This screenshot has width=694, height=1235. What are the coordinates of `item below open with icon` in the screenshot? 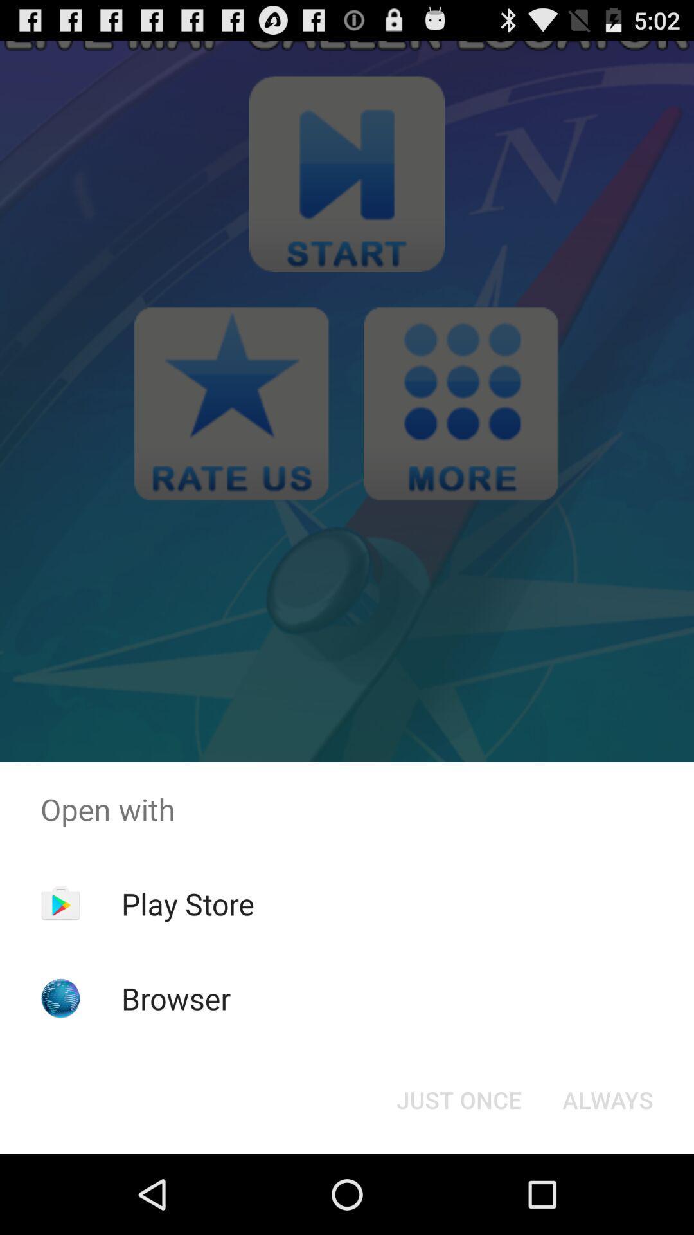 It's located at (607, 1099).